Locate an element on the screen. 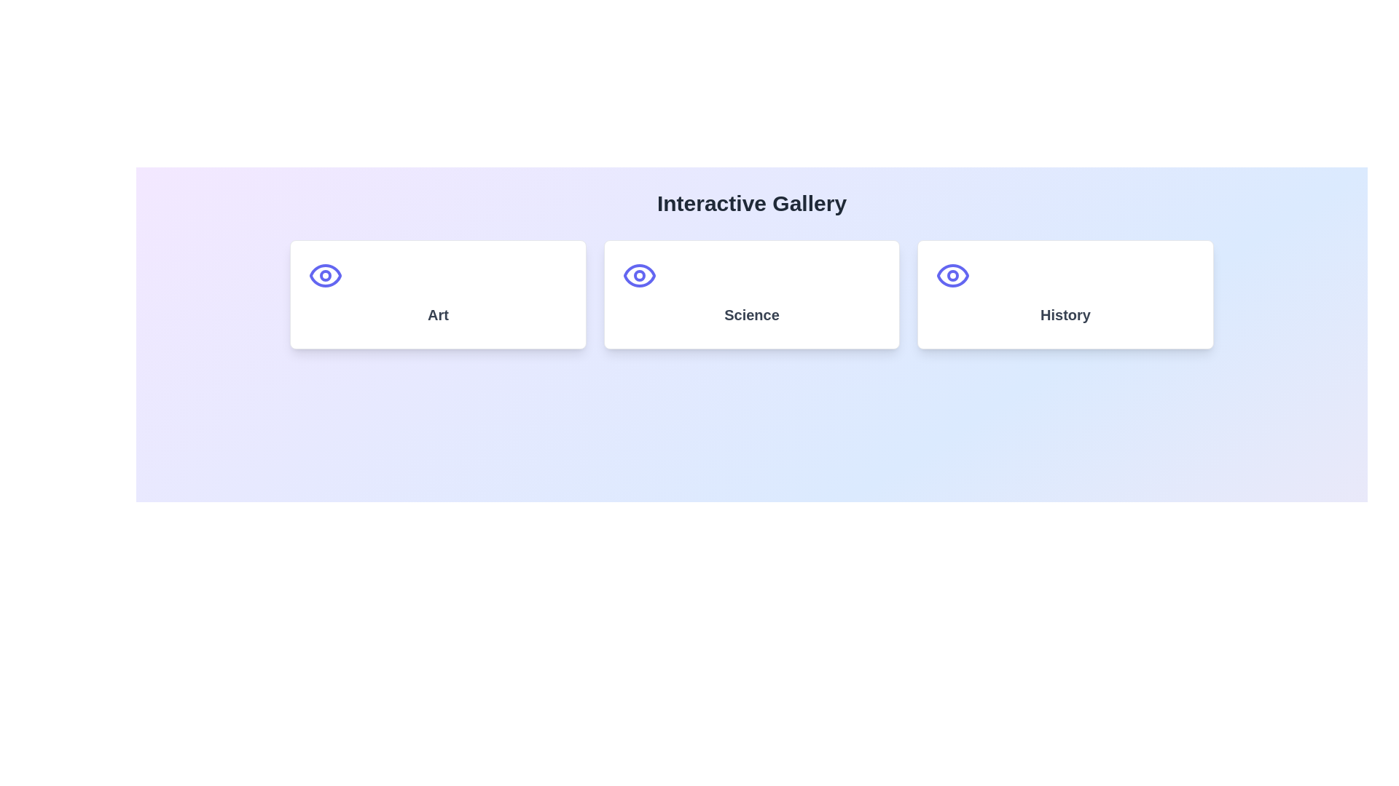 Image resolution: width=1399 pixels, height=786 pixels. the 'History' thematic card located in the last column of a 3-column grid layout is located at coordinates (1065, 295).